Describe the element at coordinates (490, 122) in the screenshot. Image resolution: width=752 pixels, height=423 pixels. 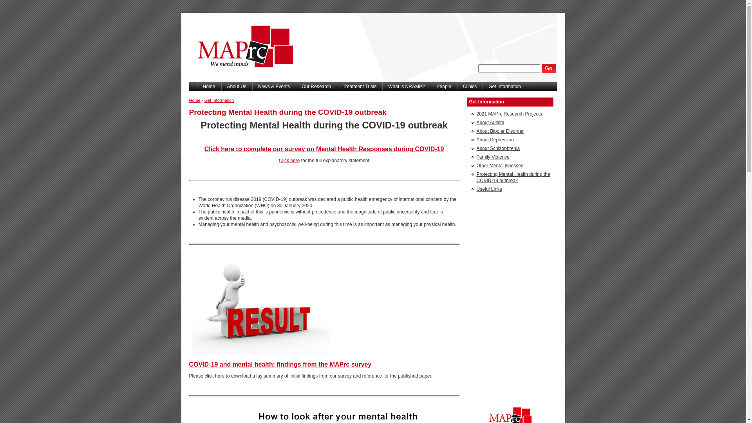
I see `'About Autism'` at that location.